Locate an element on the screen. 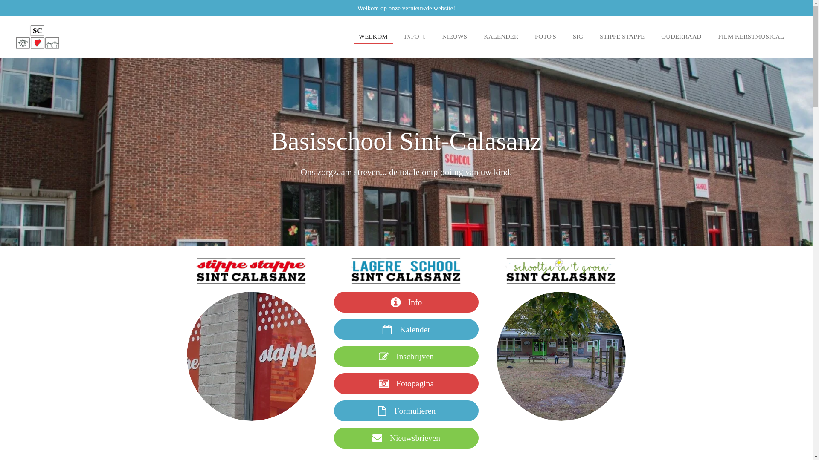 This screenshot has width=819, height=460. 'SIG' is located at coordinates (578, 36).